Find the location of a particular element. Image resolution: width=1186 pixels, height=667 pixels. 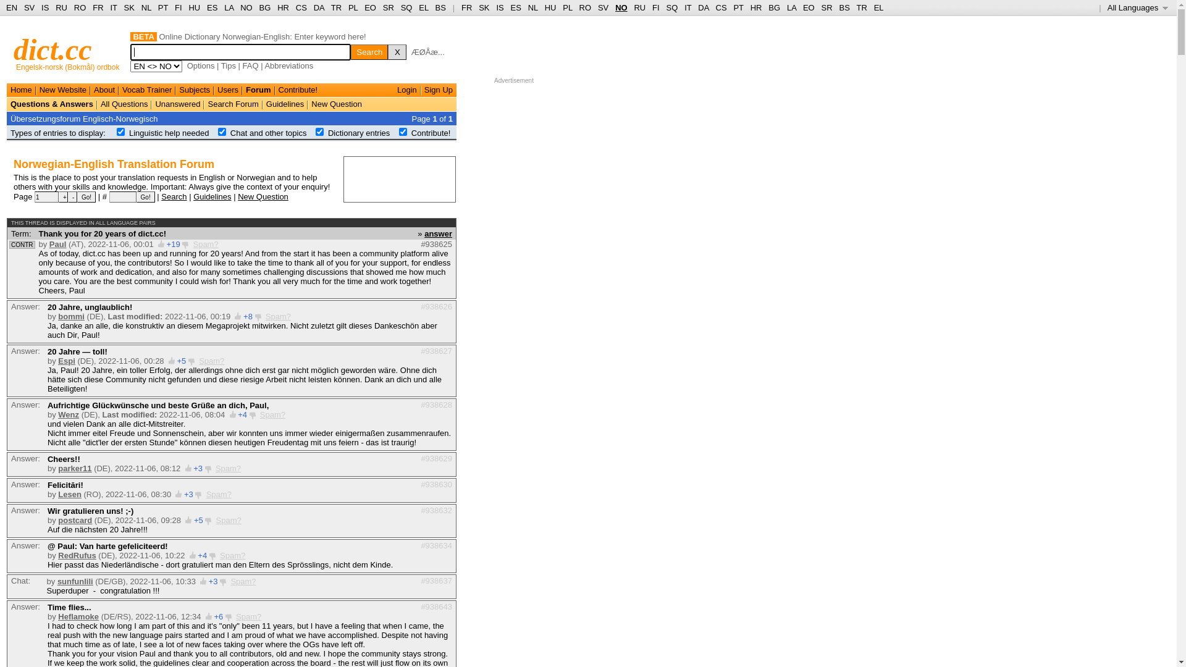

'Wenz' is located at coordinates (67, 414).